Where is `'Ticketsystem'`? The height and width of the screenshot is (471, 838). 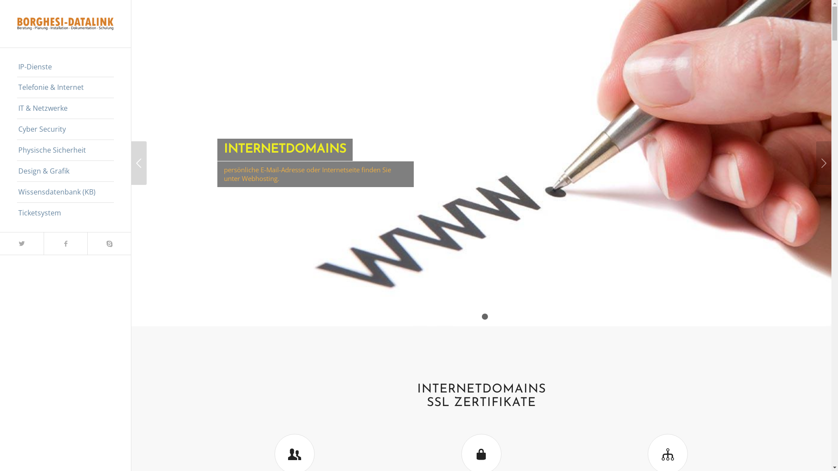
'Ticketsystem' is located at coordinates (65, 213).